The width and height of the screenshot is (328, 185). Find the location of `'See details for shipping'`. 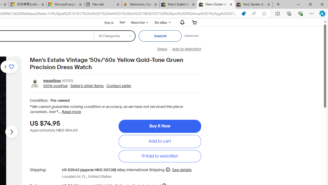

'See details for shipping' is located at coordinates (182, 170).